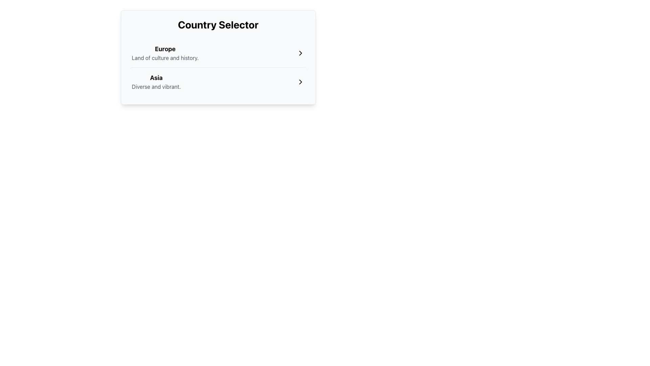 This screenshot has width=650, height=366. I want to click on the textual phrase styled with a gray font reading 'Land of culture and history.' located directly below the bolded 'Europe' title in the country selector interface, so click(165, 57).